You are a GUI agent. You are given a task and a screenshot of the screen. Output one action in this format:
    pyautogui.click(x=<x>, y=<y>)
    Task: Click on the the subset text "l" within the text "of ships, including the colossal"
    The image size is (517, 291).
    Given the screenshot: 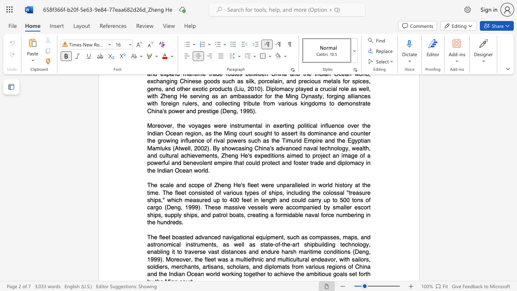 What is the action you would take?
    pyautogui.click(x=343, y=192)
    